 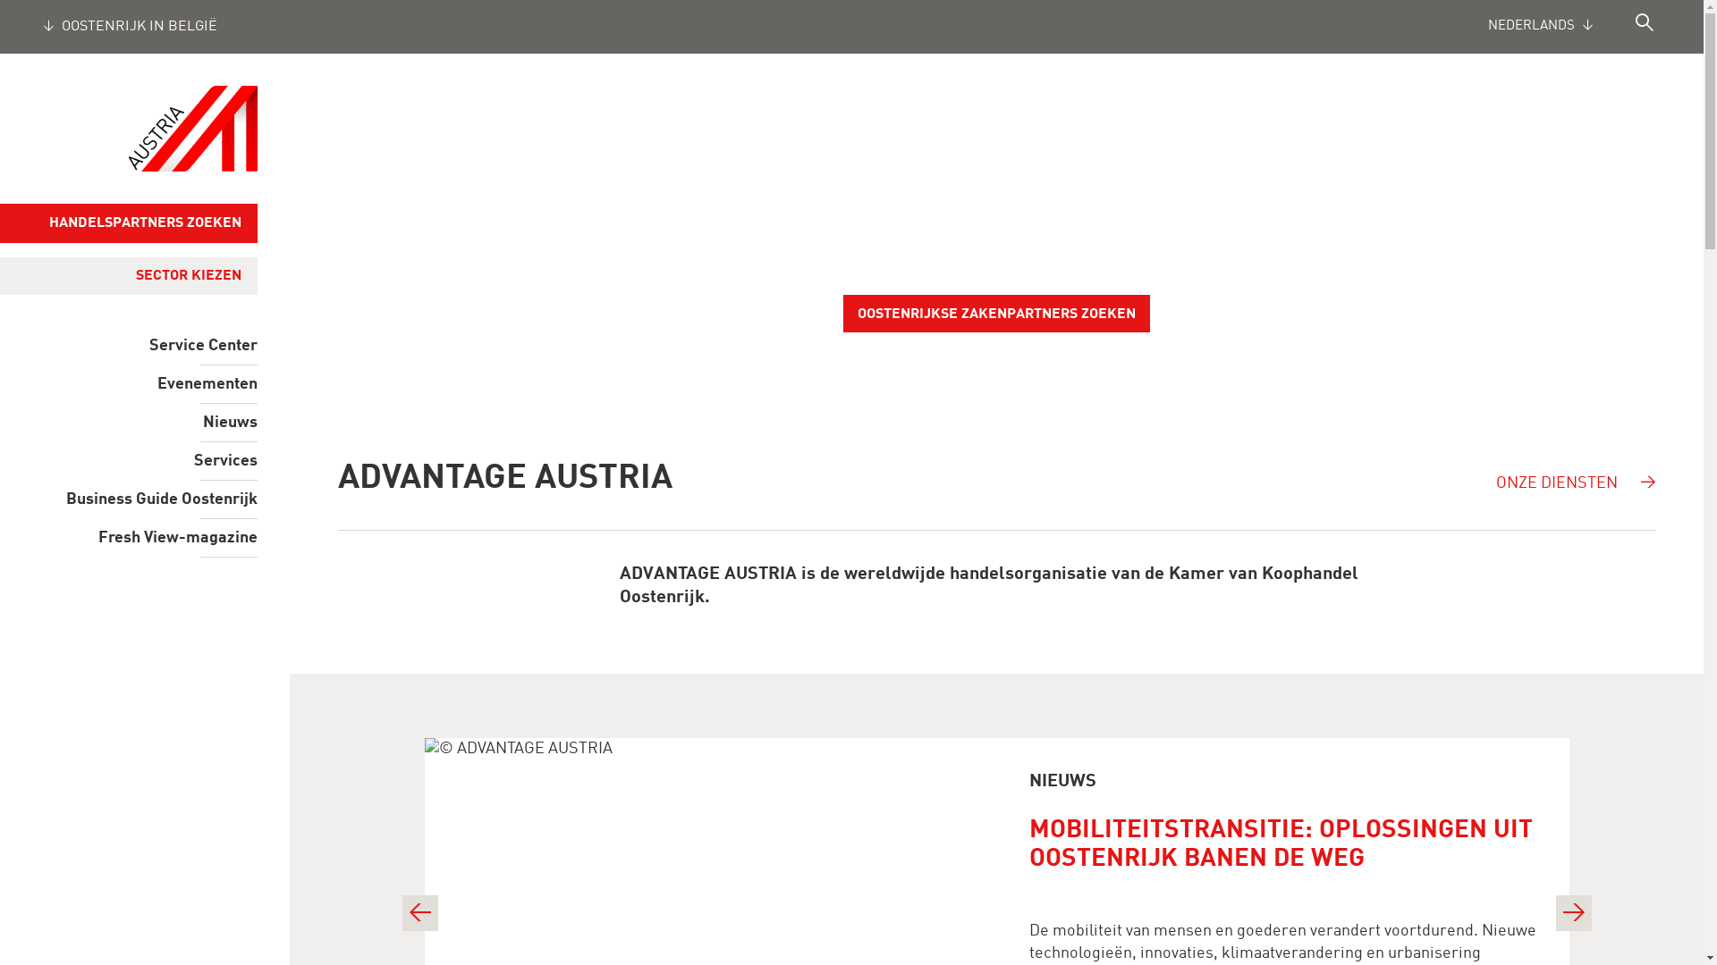 What do you see at coordinates (1561, 27) in the screenshot?
I see `'NEDERLANDS'` at bounding box center [1561, 27].